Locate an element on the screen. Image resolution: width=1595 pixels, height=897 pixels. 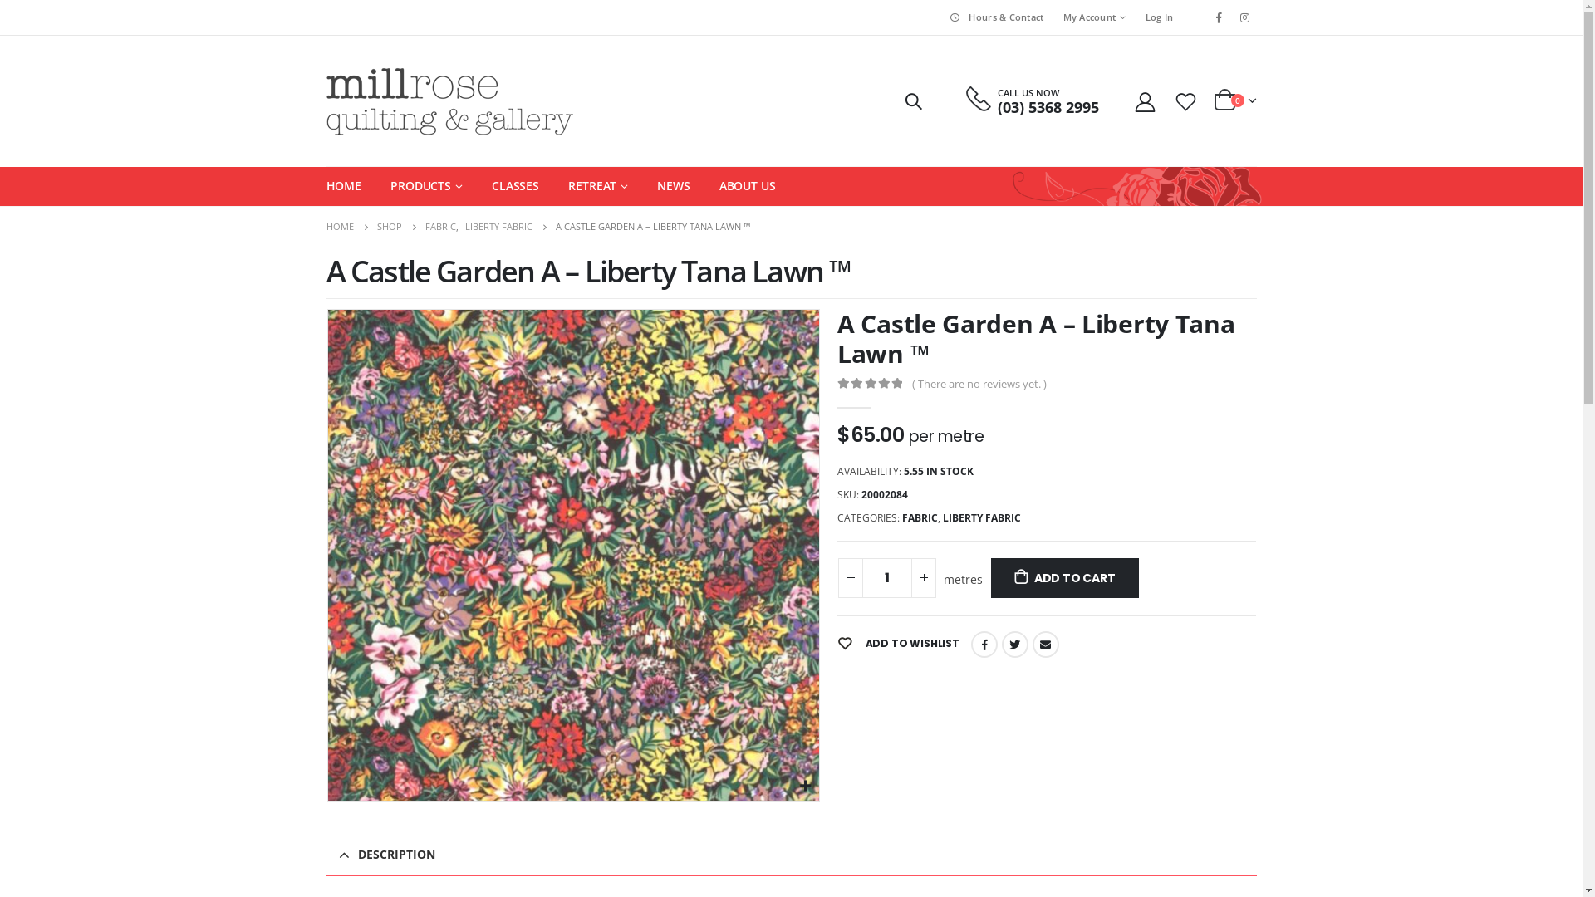
'Instagram' is located at coordinates (1244, 17).